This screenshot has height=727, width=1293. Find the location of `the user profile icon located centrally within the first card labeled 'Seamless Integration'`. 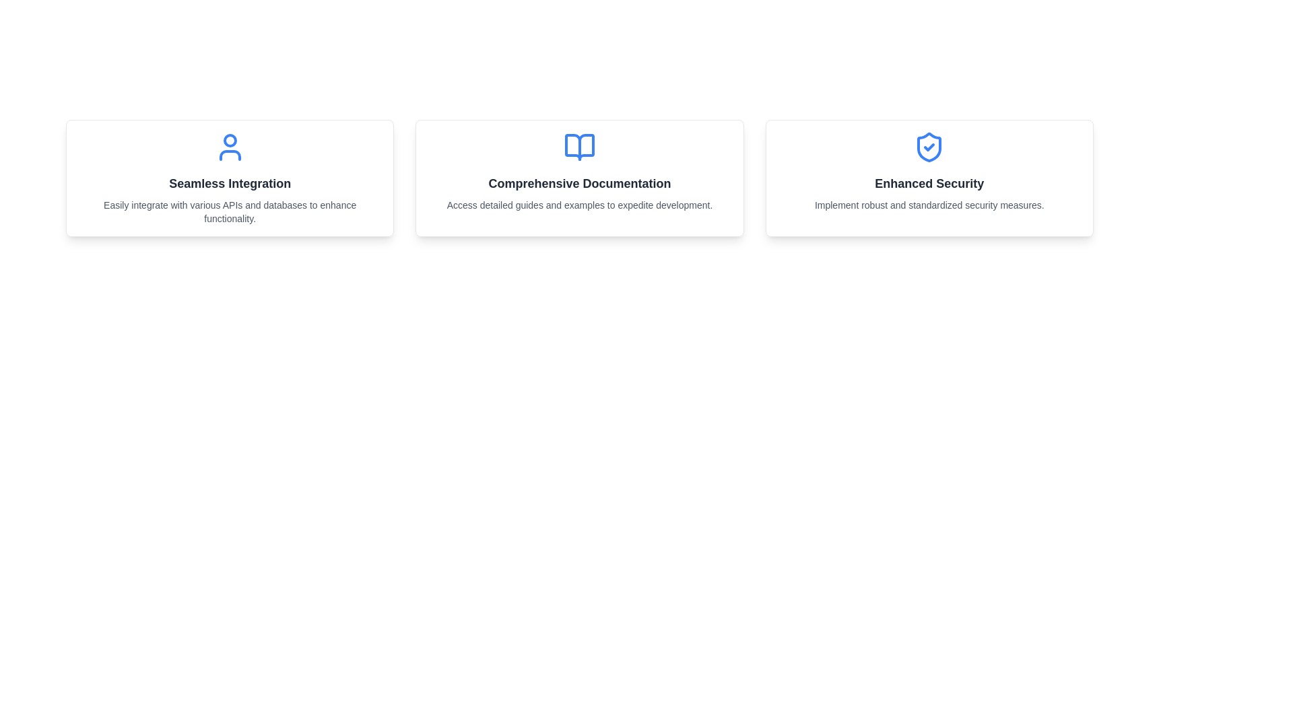

the user profile icon located centrally within the first card labeled 'Seamless Integration' is located at coordinates (230, 147).